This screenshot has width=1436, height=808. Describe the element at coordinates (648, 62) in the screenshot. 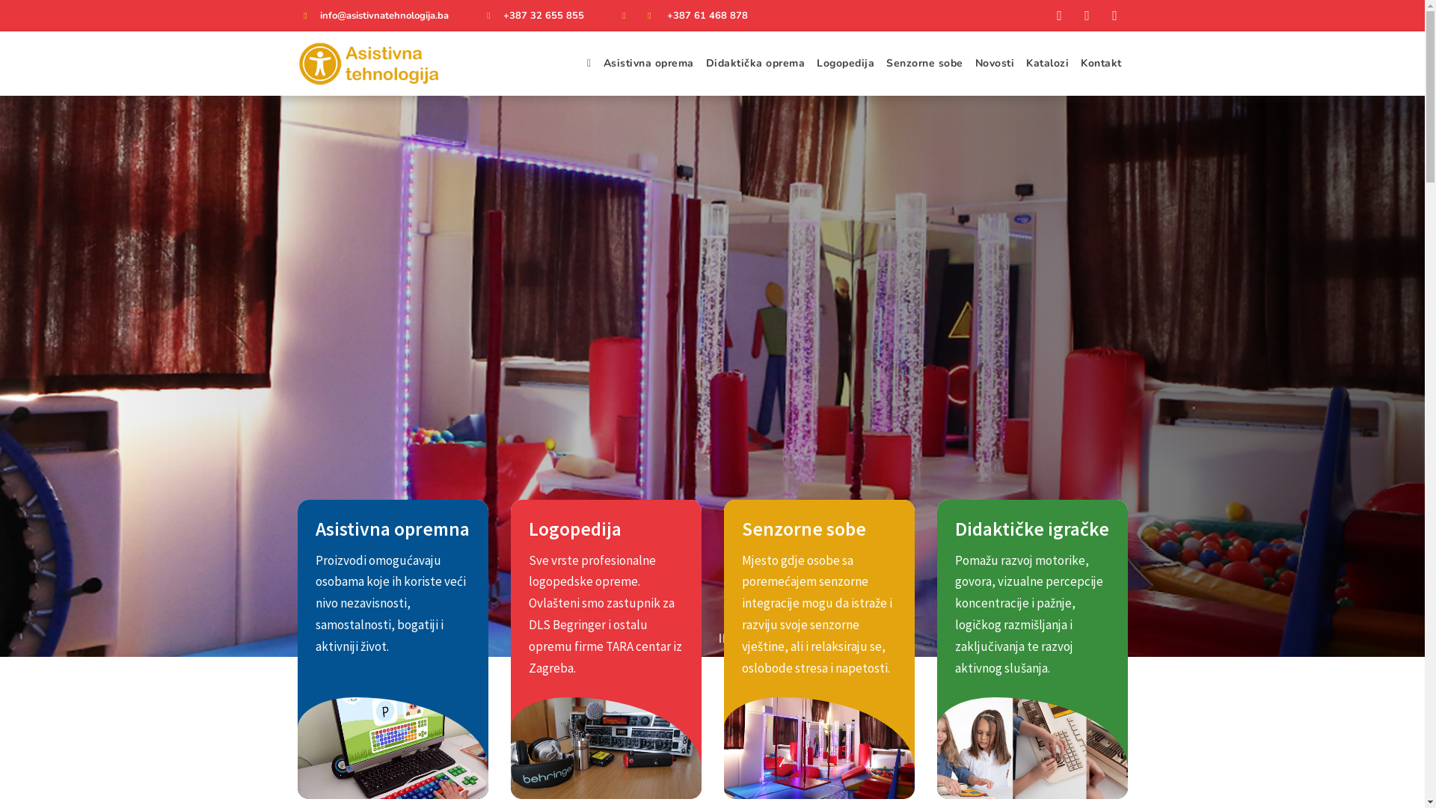

I see `'Asistivna oprema'` at that location.